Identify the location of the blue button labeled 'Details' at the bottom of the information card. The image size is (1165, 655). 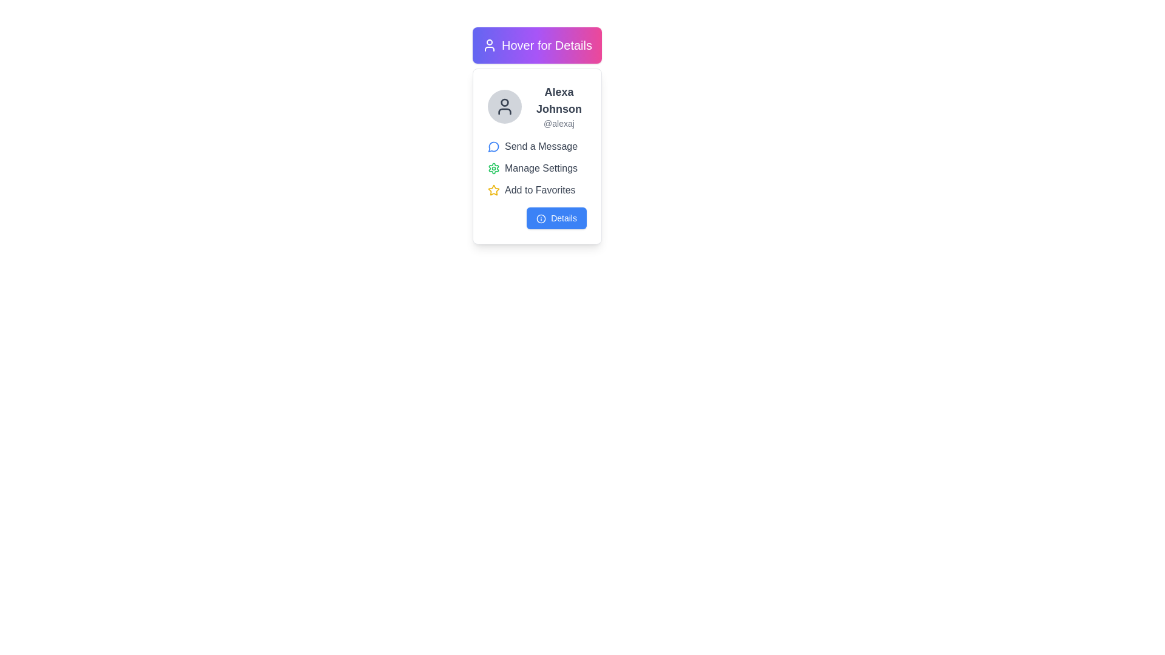
(536, 217).